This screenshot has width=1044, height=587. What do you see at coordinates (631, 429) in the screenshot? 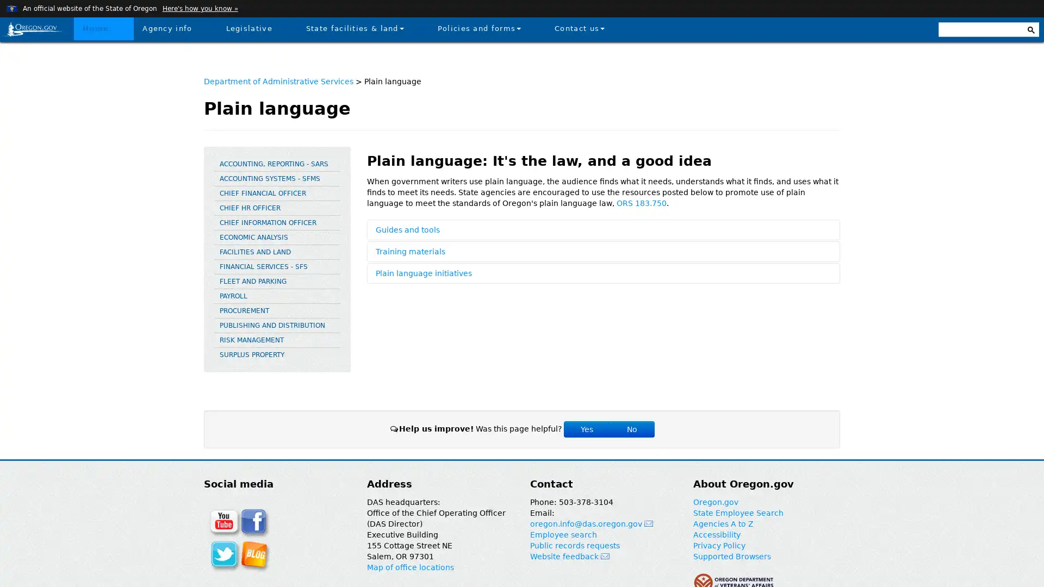
I see `No` at bounding box center [631, 429].